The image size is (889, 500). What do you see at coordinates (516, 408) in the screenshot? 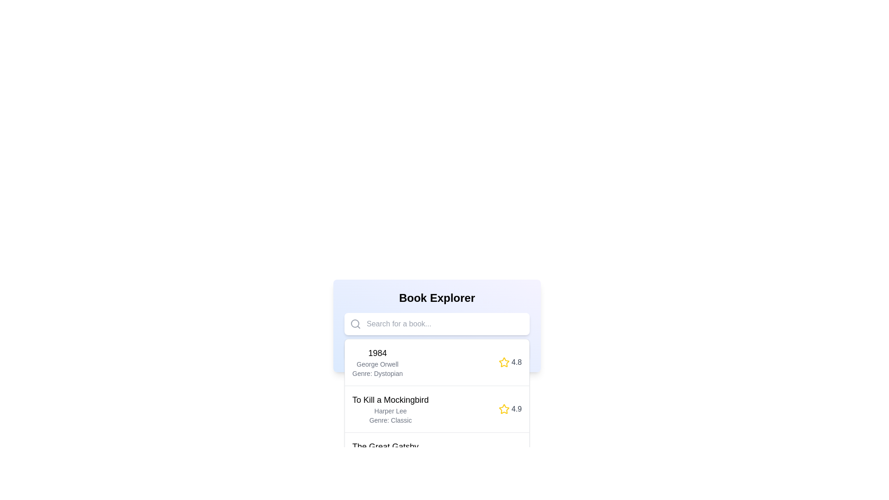
I see `the numerical text label that reads '4.9', styled in gray font, positioned to the right of a star icon within the list entry for 'To Kill a Mockingbird'` at bounding box center [516, 408].